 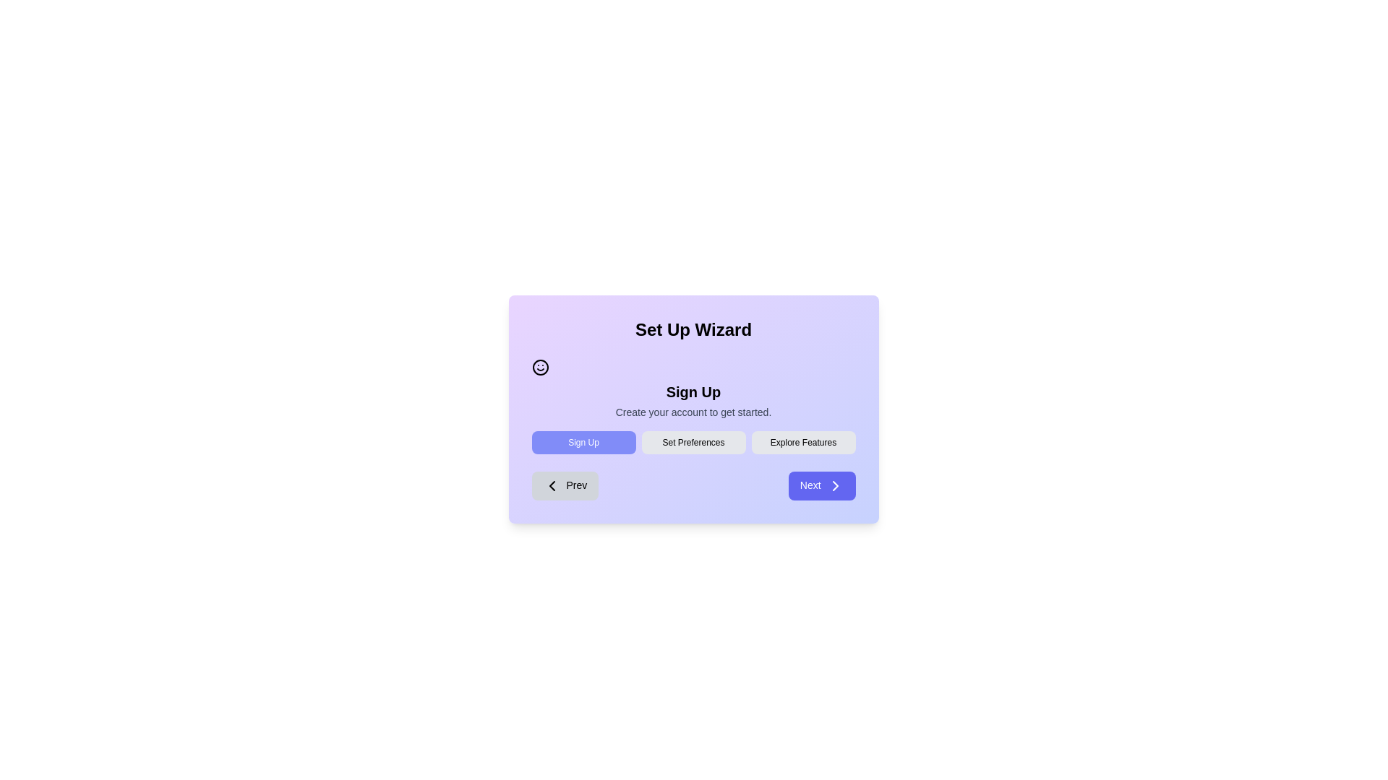 What do you see at coordinates (551, 485) in the screenshot?
I see `the leftward-pointing chevron icon inside the 'Prev' button located in the bottom-left section of the interface to trigger a tooltip or visual feedback` at bounding box center [551, 485].